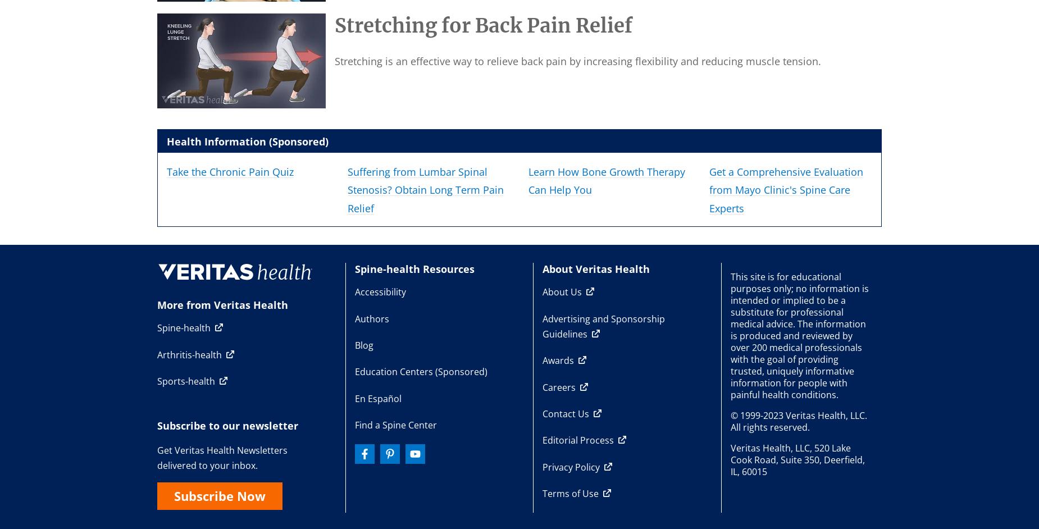  What do you see at coordinates (578, 440) in the screenshot?
I see `'Editorial Process'` at bounding box center [578, 440].